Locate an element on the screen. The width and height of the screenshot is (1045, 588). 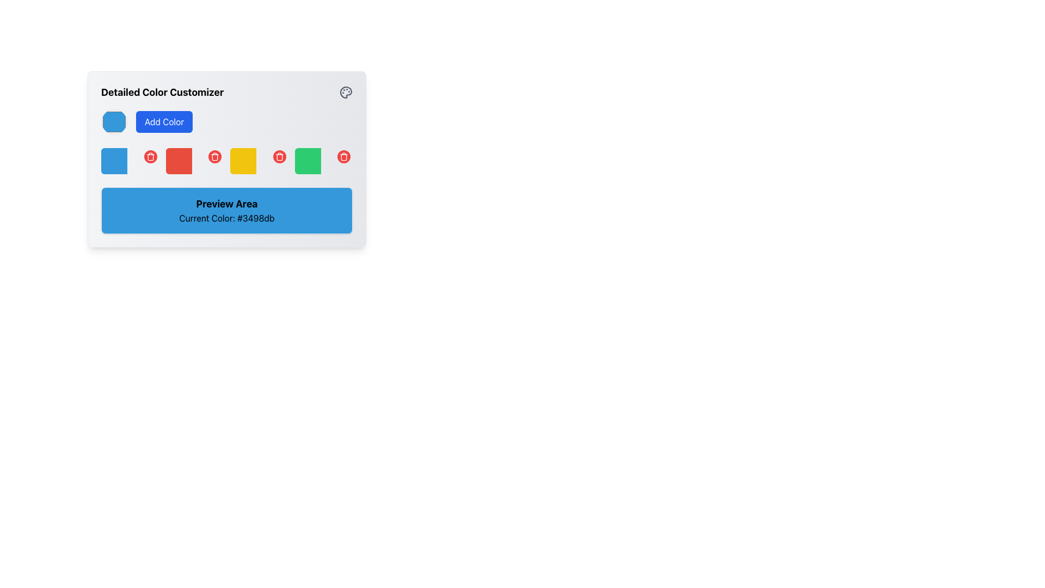
the bold text label 'Detailed Color Customizer' located at the top left of a light gray background card is located at coordinates (162, 91).